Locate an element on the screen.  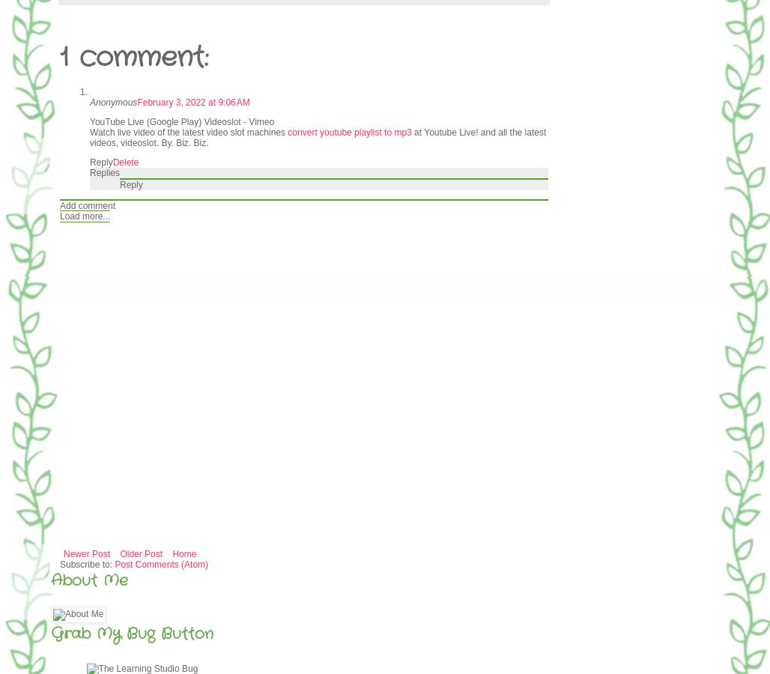
'YouTube Live (Google Play) Videoslot - Vimeo' is located at coordinates (181, 121).